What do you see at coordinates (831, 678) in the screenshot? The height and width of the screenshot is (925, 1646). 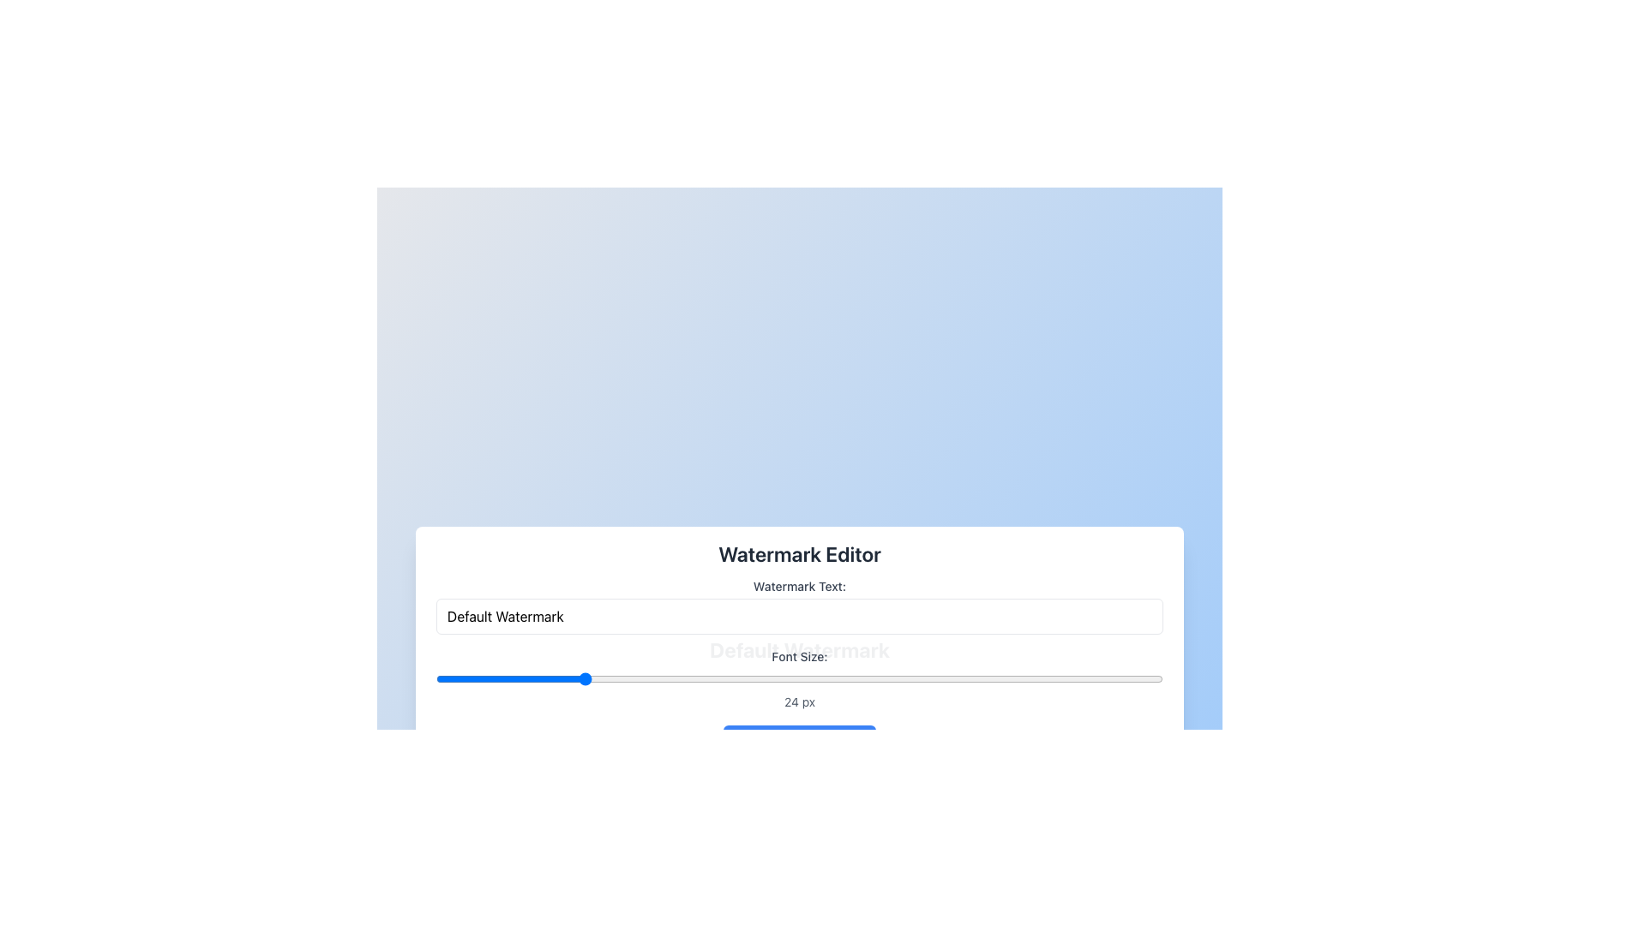 I see `font size` at bounding box center [831, 678].